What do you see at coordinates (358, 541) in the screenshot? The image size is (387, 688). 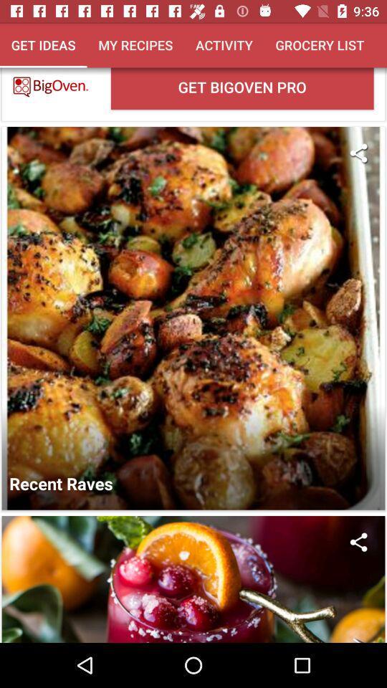 I see `share entry` at bounding box center [358, 541].